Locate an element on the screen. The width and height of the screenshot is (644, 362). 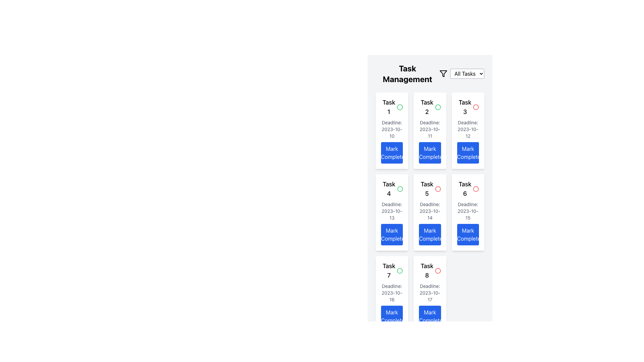
the label displaying 'Task 3', which is styled with medium font weight and is accompanied by a red circular status marker on its right is located at coordinates (468, 107).